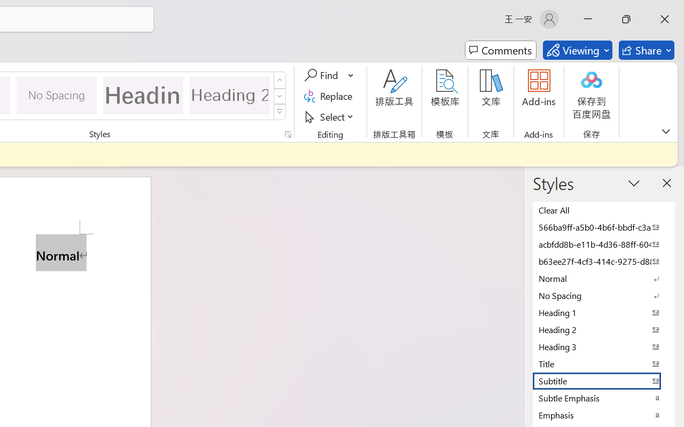 The width and height of the screenshot is (684, 427). I want to click on 'Styles...', so click(287, 134).